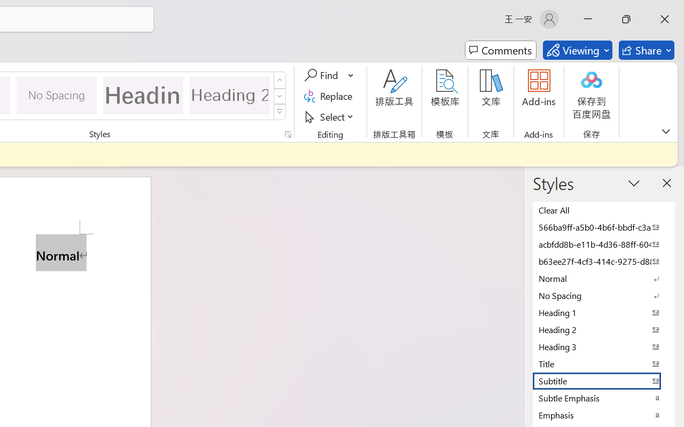 The width and height of the screenshot is (684, 427). I want to click on 'Styles...', so click(287, 134).